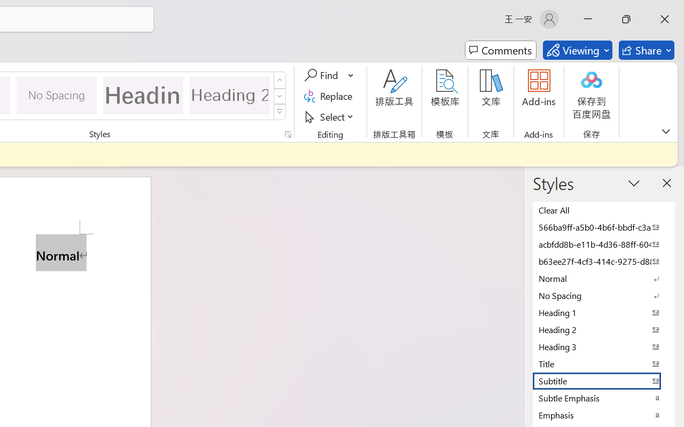 The width and height of the screenshot is (684, 427). I want to click on 'Styles...', so click(287, 134).